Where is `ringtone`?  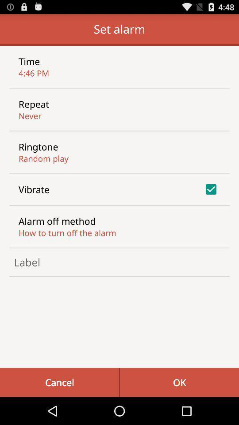
ringtone is located at coordinates (38, 147).